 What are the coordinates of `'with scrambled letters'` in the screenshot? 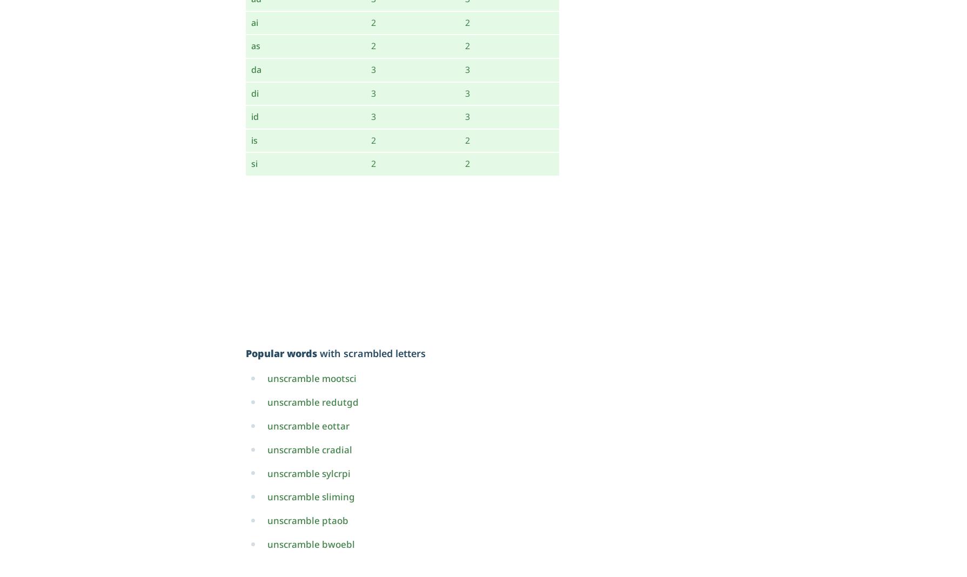 It's located at (316, 352).